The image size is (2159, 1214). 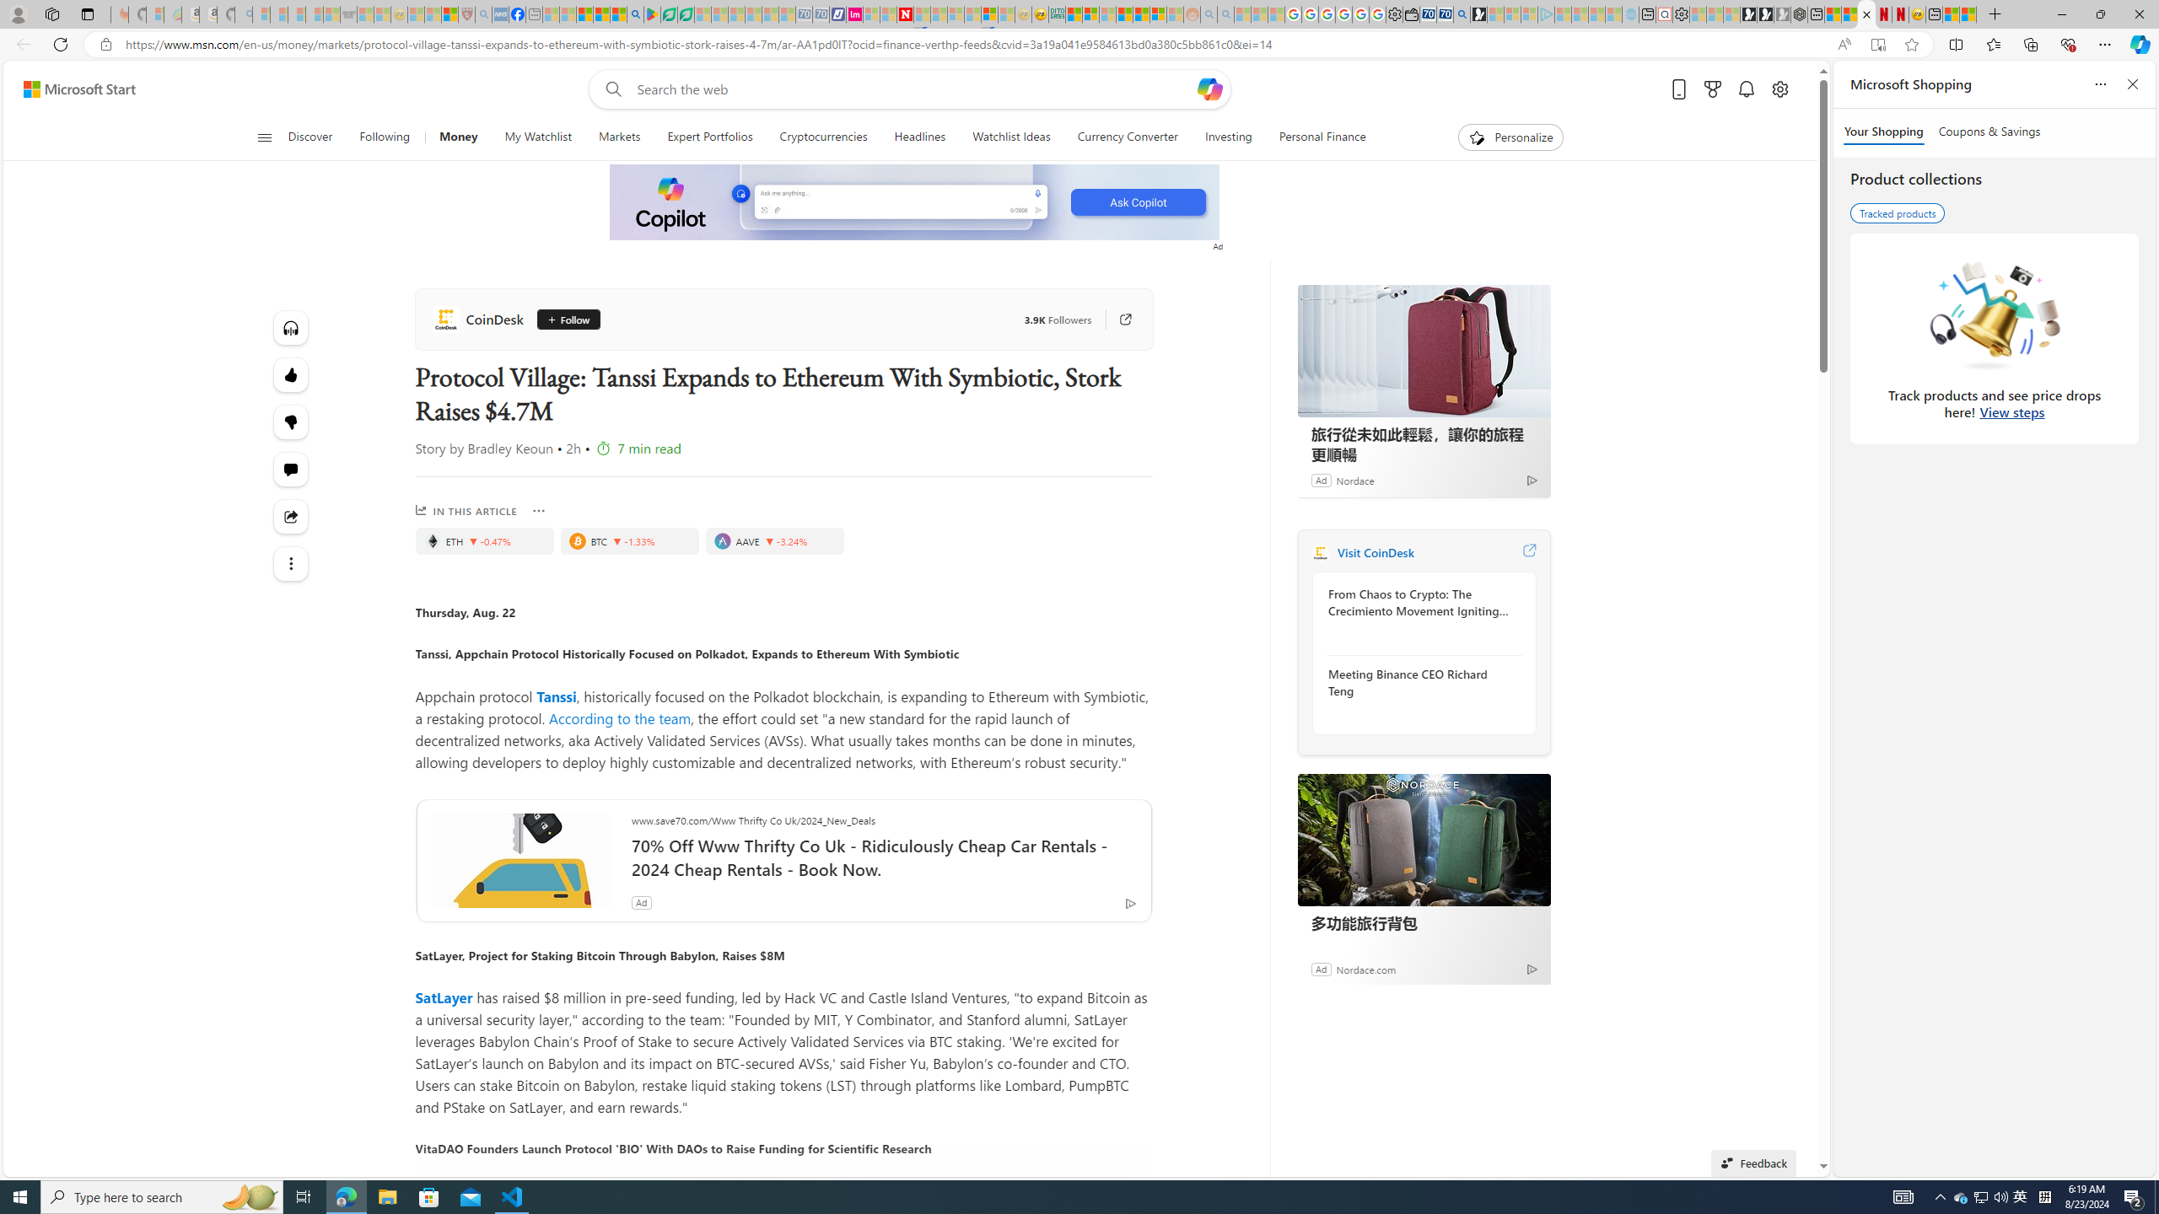 What do you see at coordinates (537, 137) in the screenshot?
I see `'My Watchlist'` at bounding box center [537, 137].